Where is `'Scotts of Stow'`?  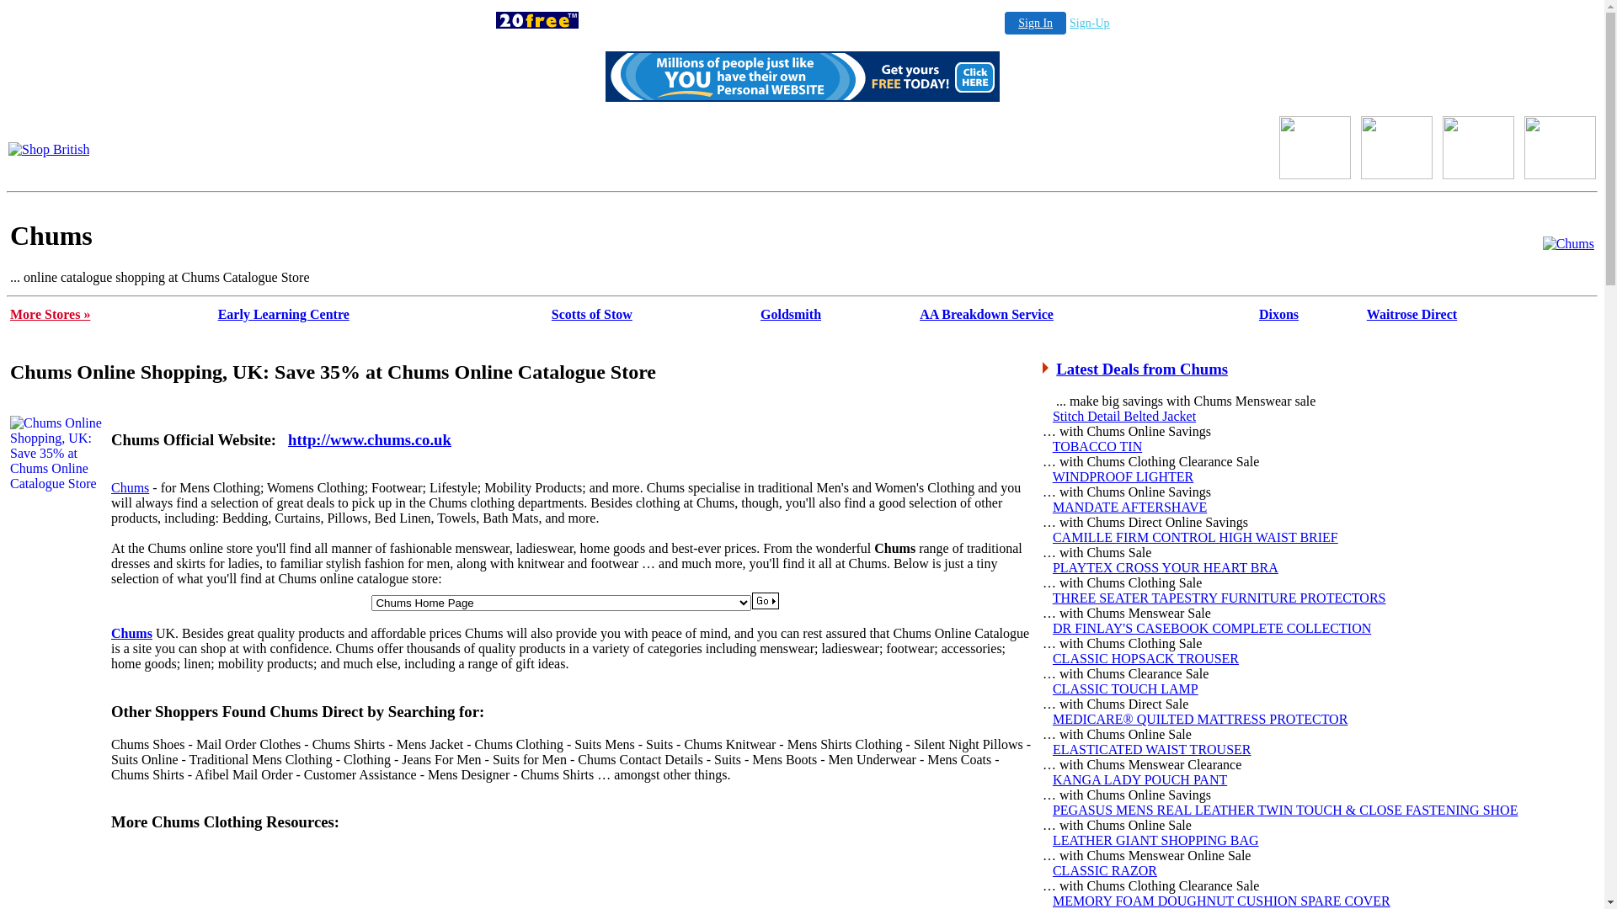 'Scotts of Stow' is located at coordinates (591, 314).